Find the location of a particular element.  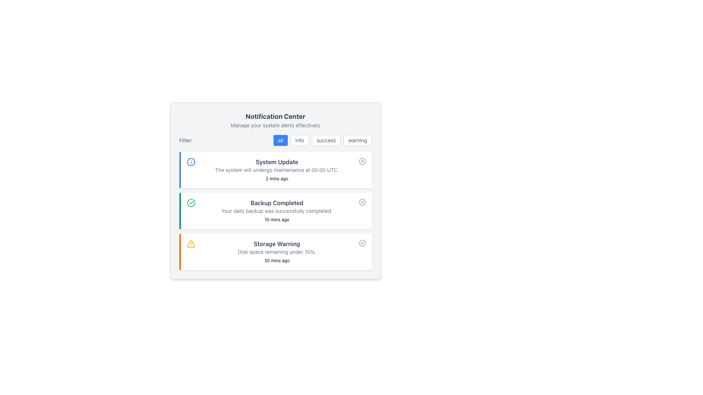

the 'success' button, which is the third button in a horizontal group of filter options below the 'Filter:' label is located at coordinates (322, 140).